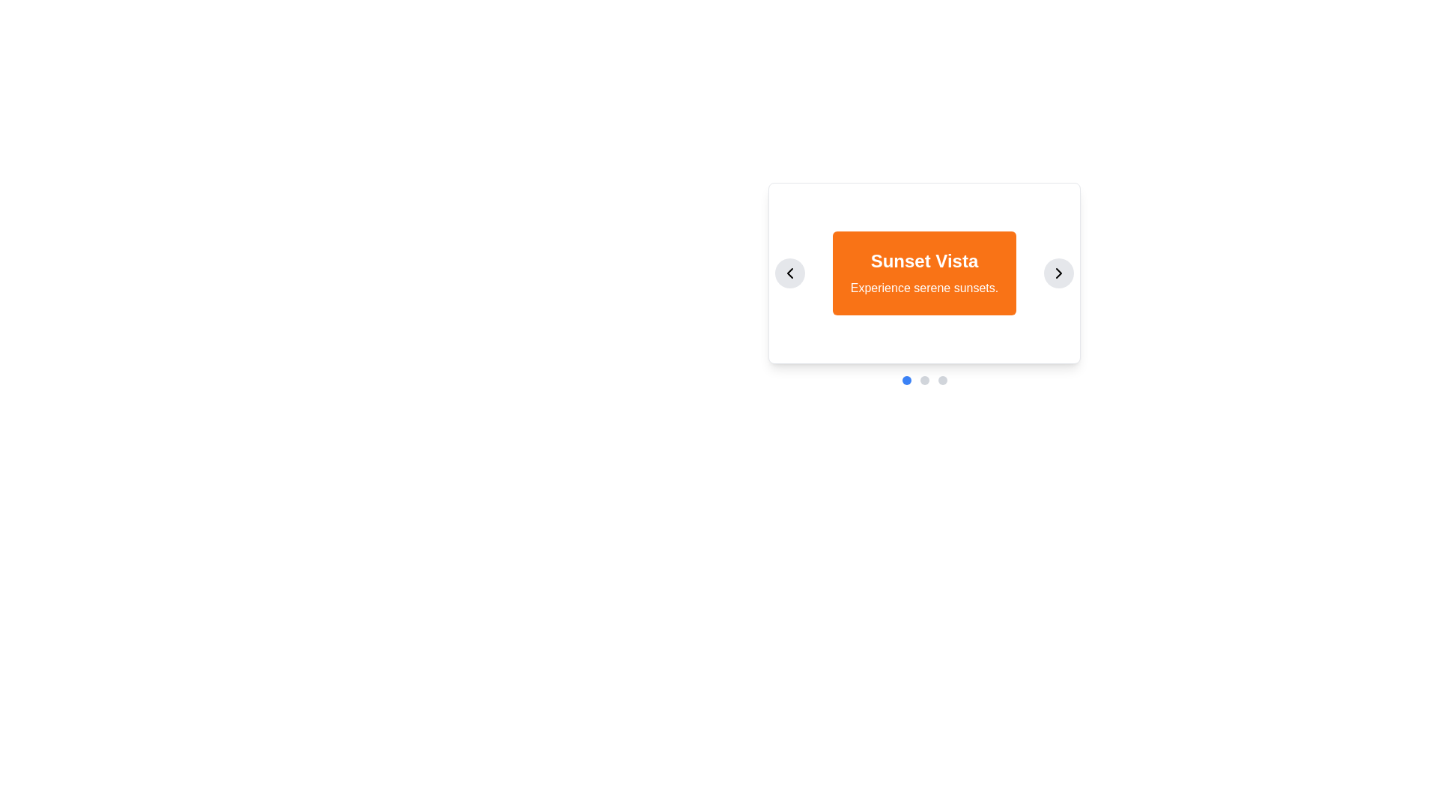  What do you see at coordinates (905, 380) in the screenshot?
I see `the first dot navigation indicator` at bounding box center [905, 380].